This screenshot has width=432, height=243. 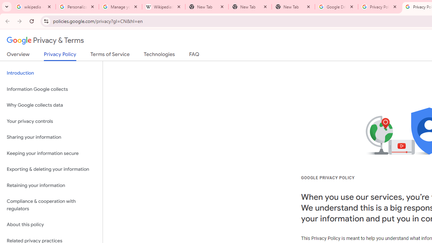 What do you see at coordinates (51, 185) in the screenshot?
I see `'Retaining your information'` at bounding box center [51, 185].